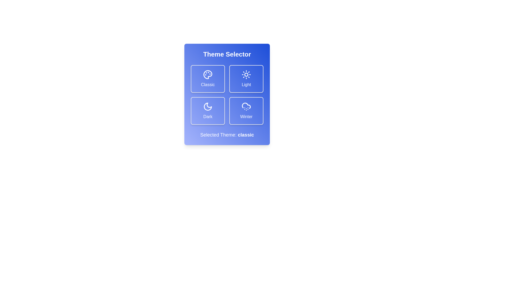 The width and height of the screenshot is (513, 288). Describe the element at coordinates (207, 79) in the screenshot. I see `the theme by clicking on the respective button. The parameter classic specifies the theme to select, with possible values being 'classic', 'light', 'dark', or 'winter'` at that location.